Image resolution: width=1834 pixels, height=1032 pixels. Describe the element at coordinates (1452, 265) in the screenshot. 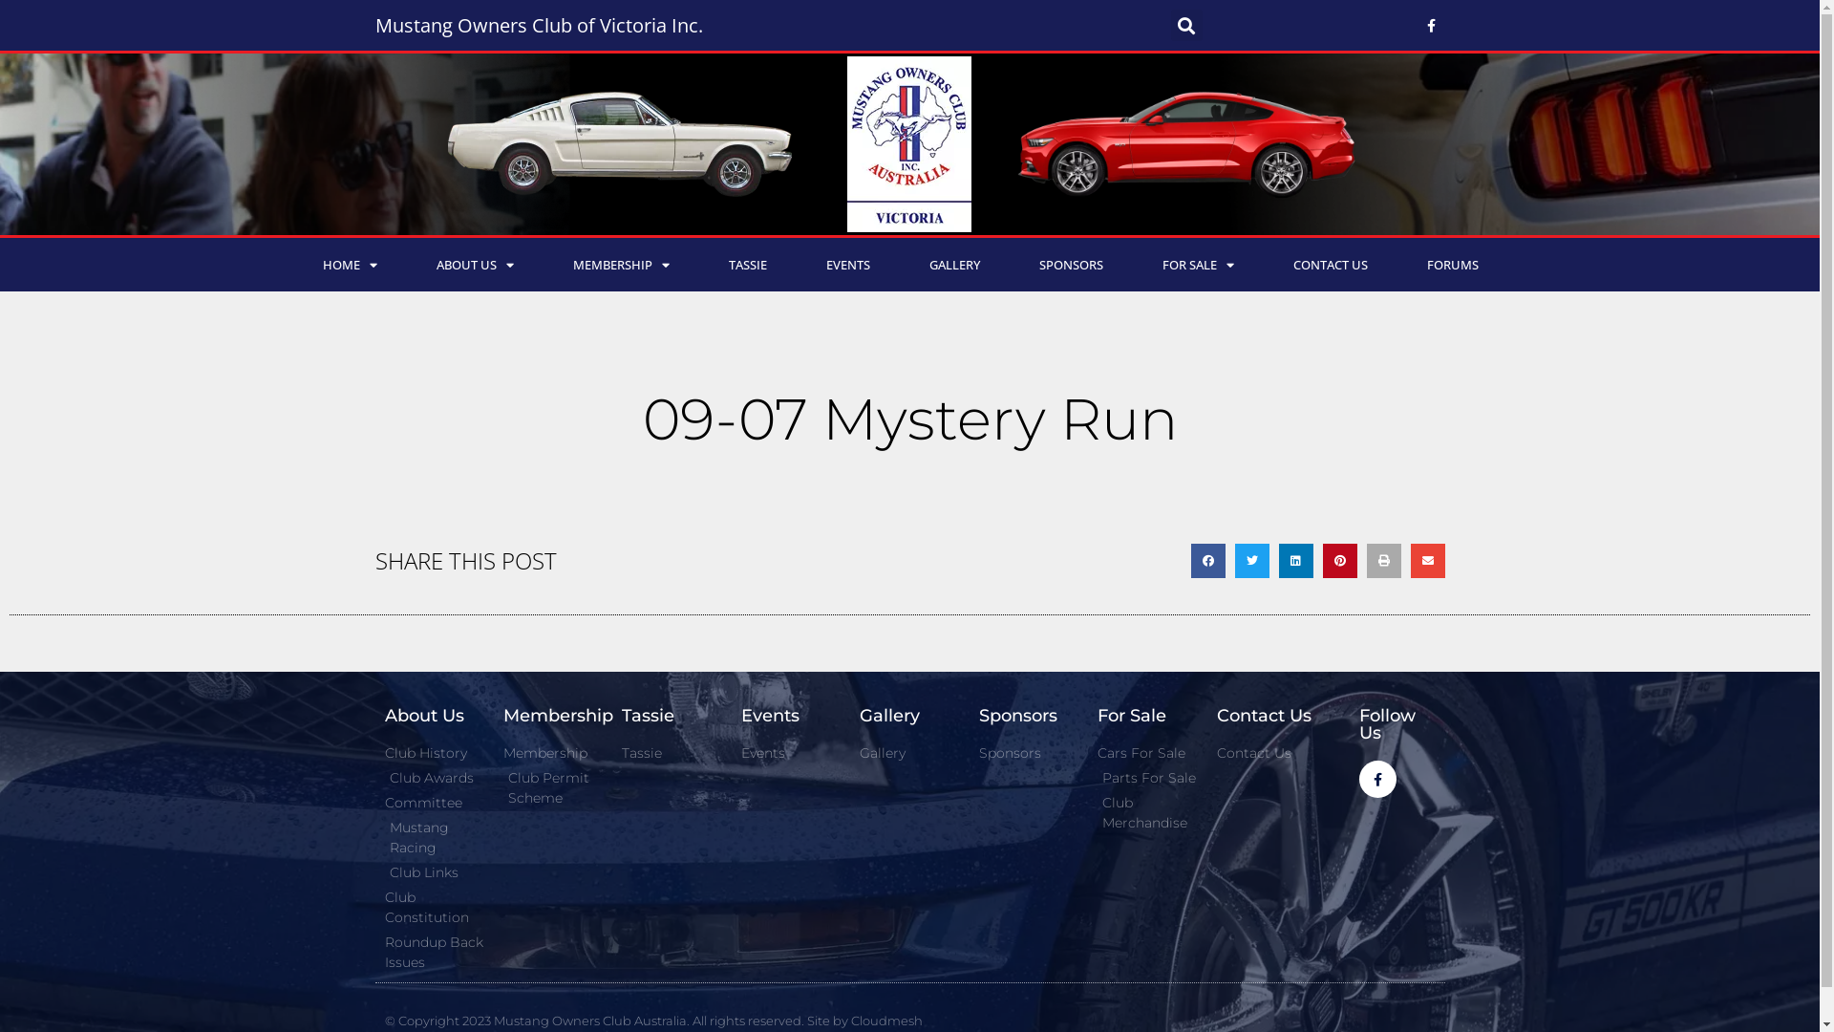

I see `'FORUMS'` at that location.